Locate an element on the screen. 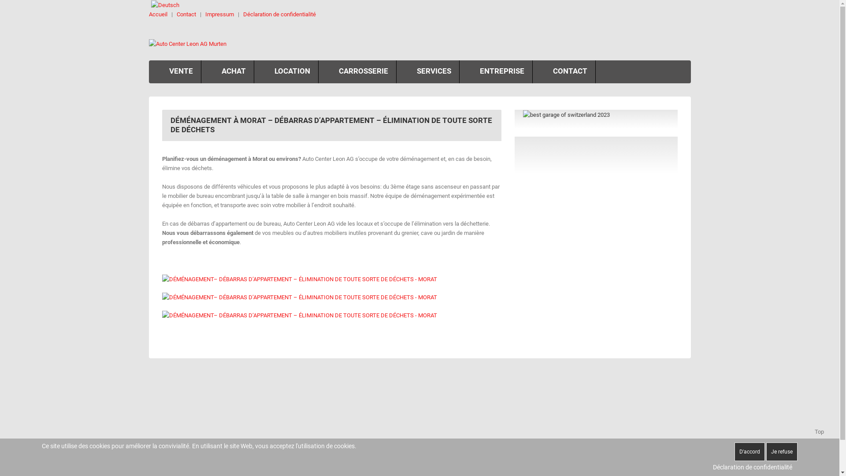  'ACHAT' is located at coordinates (227, 71).